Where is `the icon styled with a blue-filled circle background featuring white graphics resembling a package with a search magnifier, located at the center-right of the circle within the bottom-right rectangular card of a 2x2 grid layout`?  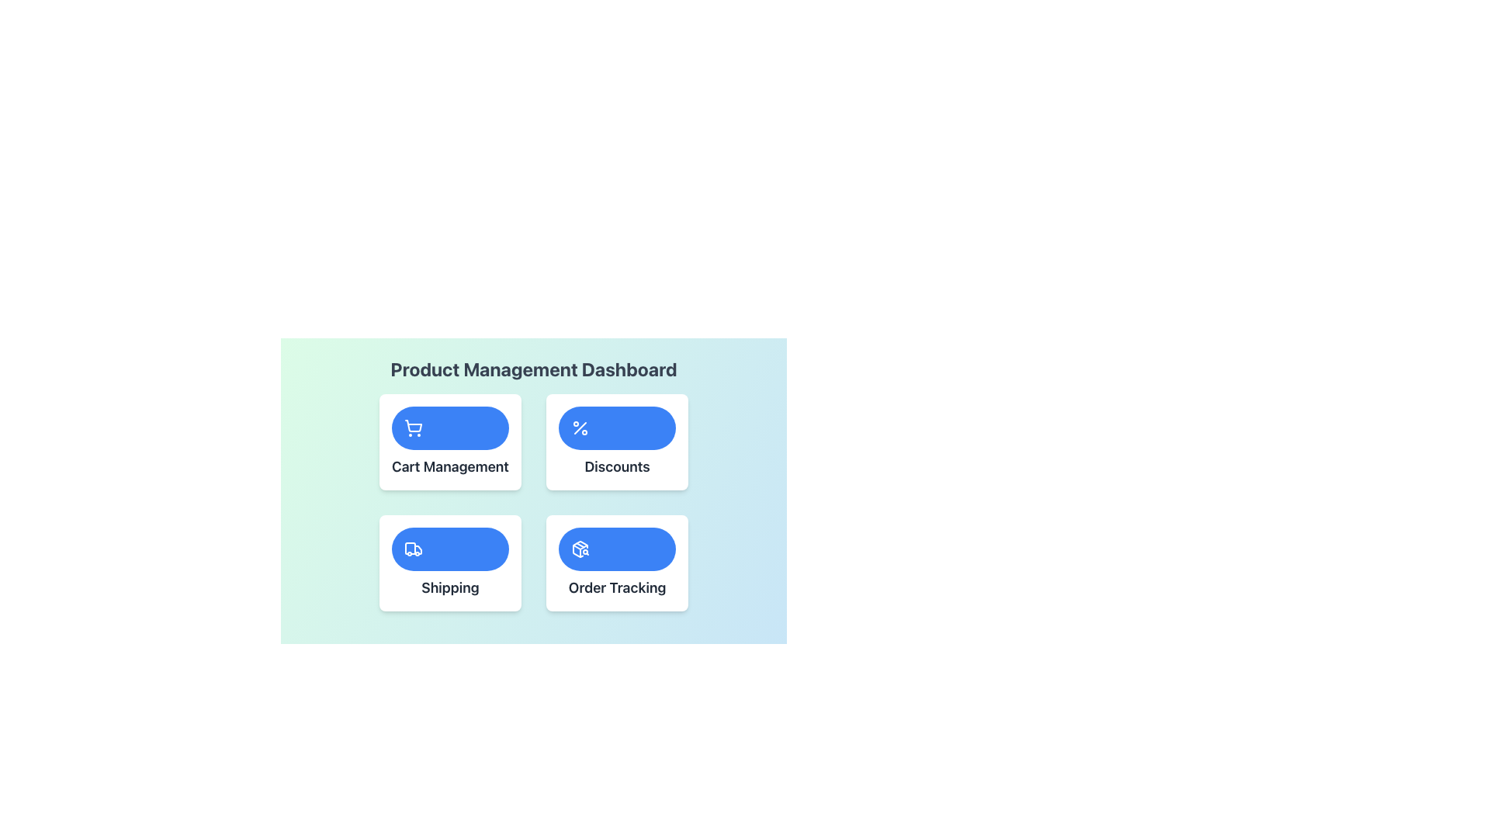
the icon styled with a blue-filled circle background featuring white graphics resembling a package with a search magnifier, located at the center-right of the circle within the bottom-right rectangular card of a 2x2 grid layout is located at coordinates (580, 549).